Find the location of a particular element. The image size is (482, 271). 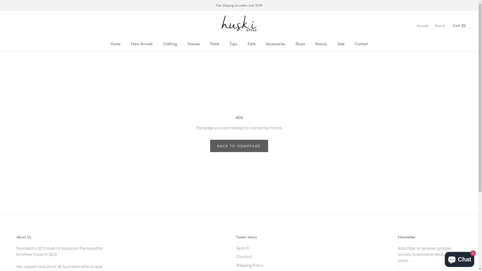

'Shipping Policy' is located at coordinates (251, 265).